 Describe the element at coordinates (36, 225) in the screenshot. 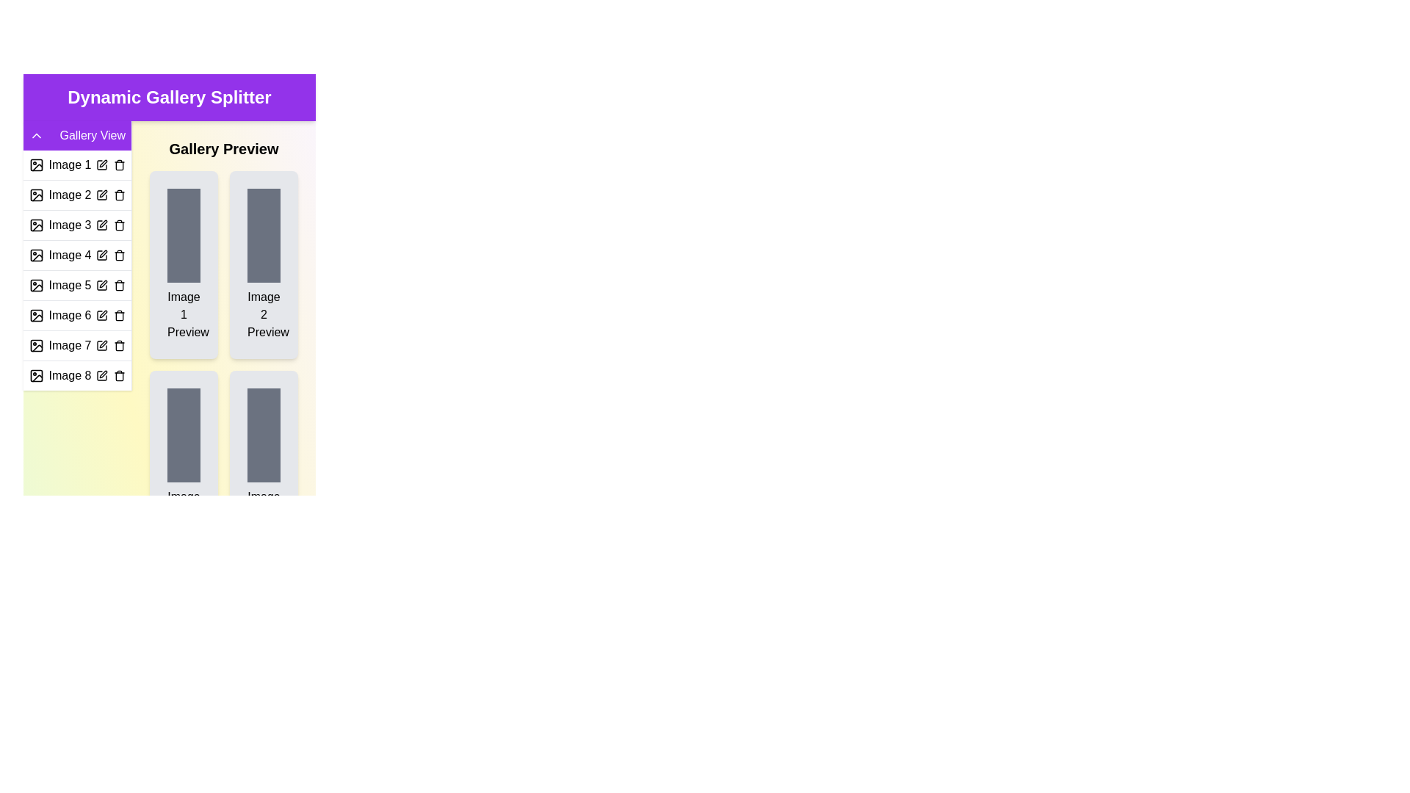

I see `the graphical icon resembling a picture frame with a broken image depiction` at that location.